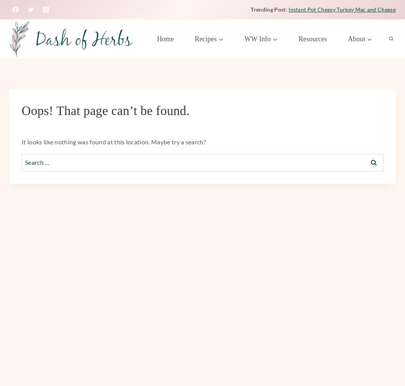 The image size is (405, 386). Describe the element at coordinates (205, 38) in the screenshot. I see `'Recipes'` at that location.